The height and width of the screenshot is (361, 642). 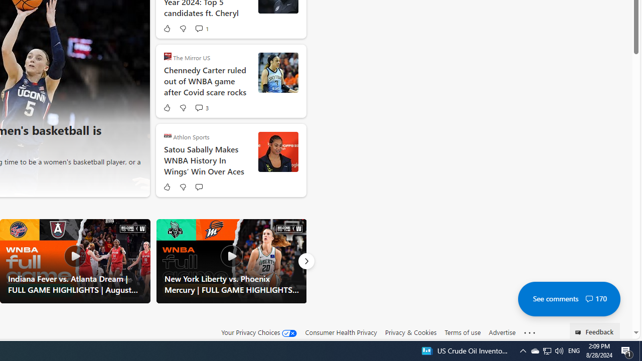 What do you see at coordinates (462, 332) in the screenshot?
I see `'Terms of use'` at bounding box center [462, 332].